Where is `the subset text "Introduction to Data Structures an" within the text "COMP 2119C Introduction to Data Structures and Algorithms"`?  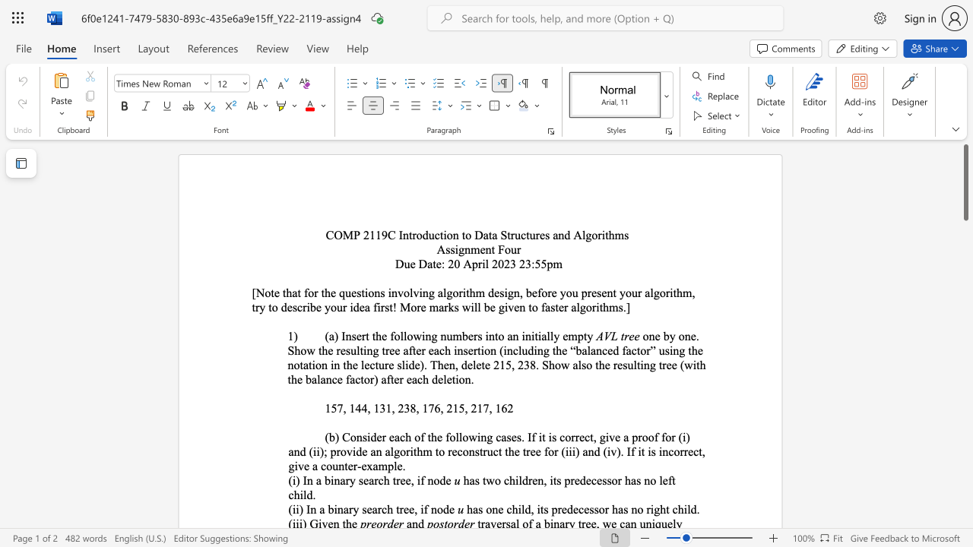
the subset text "Introduction to Data Structures an" within the text "COMP 2119C Introduction to Data Structures and Algorithms" is located at coordinates (398, 235).